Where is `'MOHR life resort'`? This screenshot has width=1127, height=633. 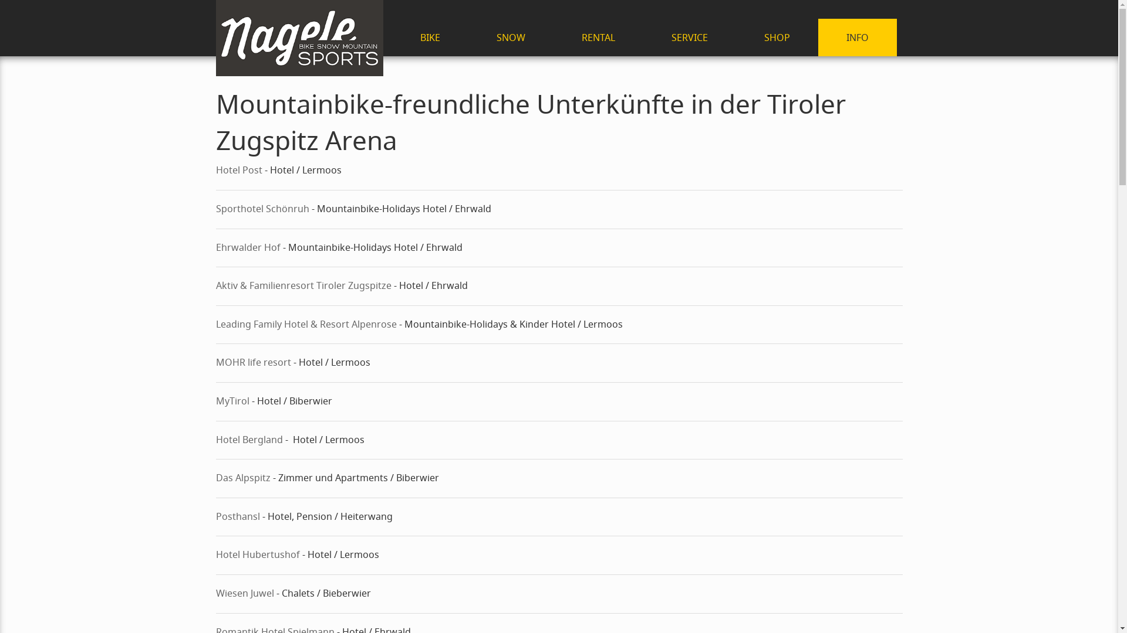 'MOHR life resort' is located at coordinates (253, 361).